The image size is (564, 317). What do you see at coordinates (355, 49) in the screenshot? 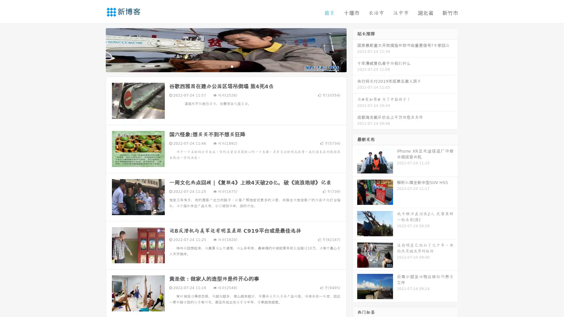
I see `Next slide` at bounding box center [355, 49].